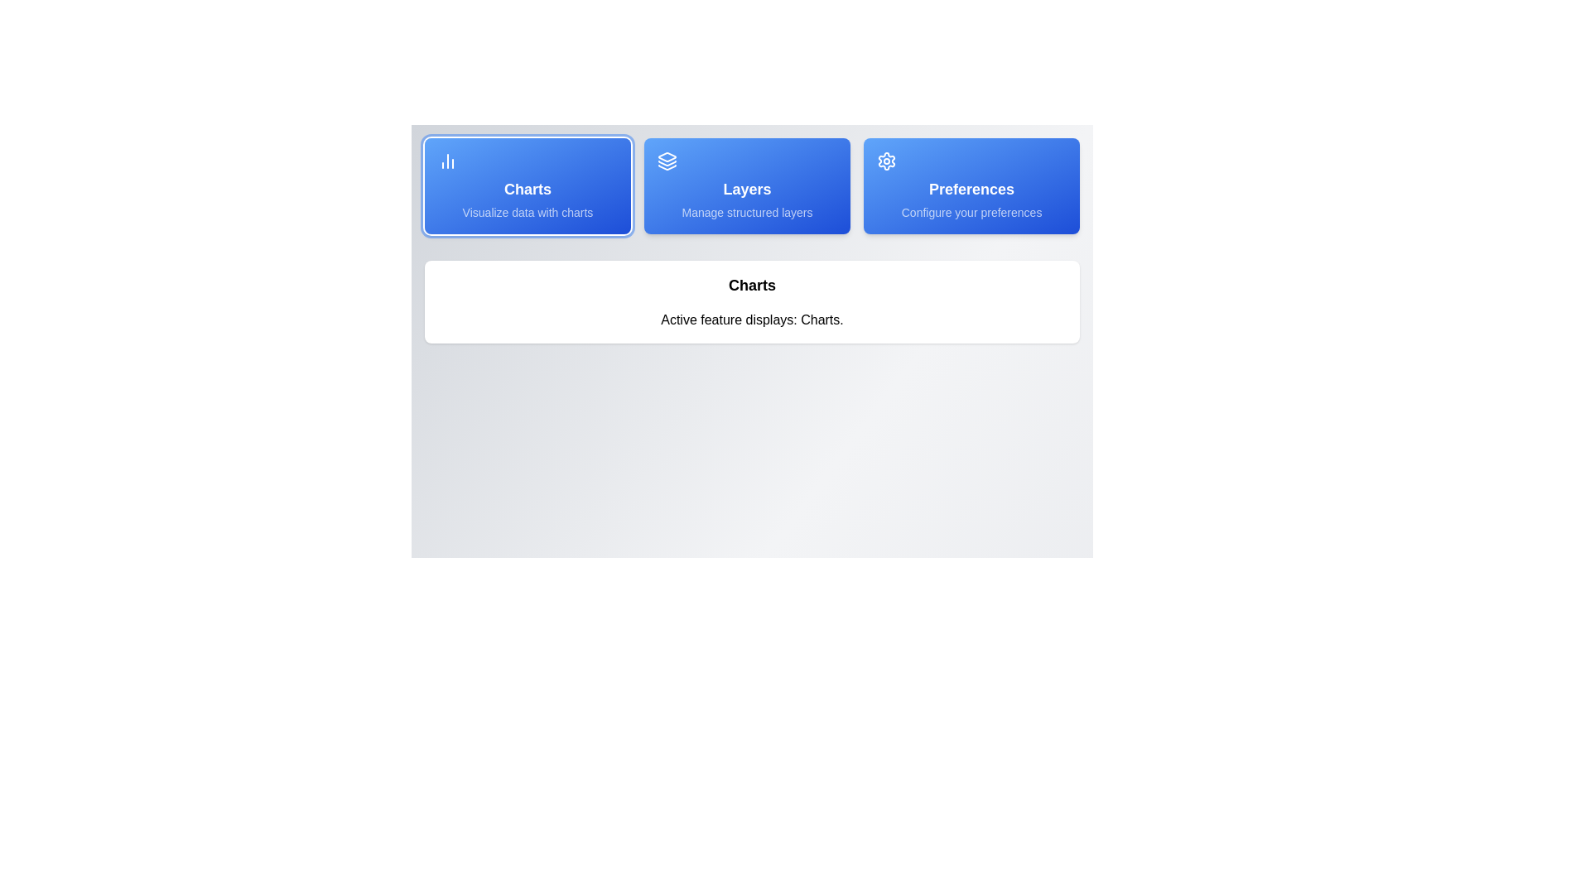  I want to click on the text display that reads 'Visualize data with charts', which is located within the 'Charts' card component, positioned underneath the title text, so click(527, 212).